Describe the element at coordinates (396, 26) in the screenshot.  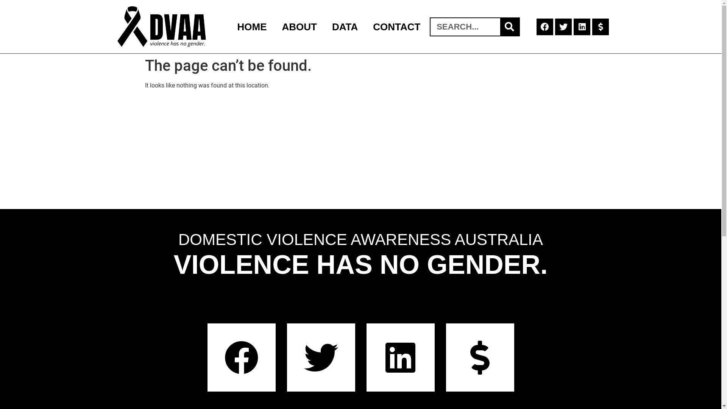
I see `'CONTACT'` at that location.